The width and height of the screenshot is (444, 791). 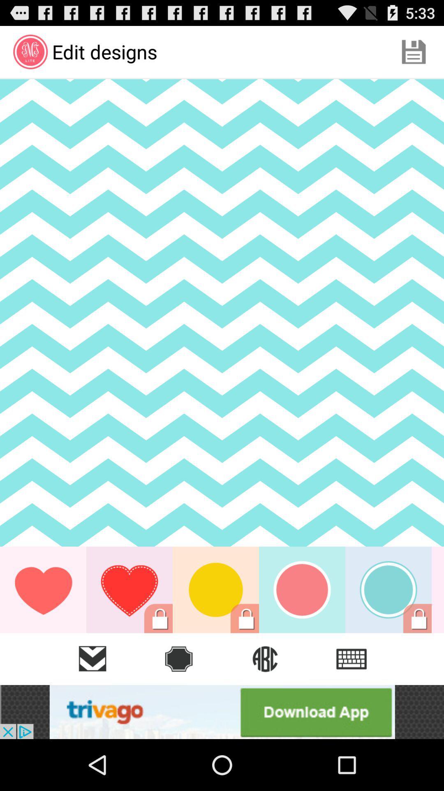 What do you see at coordinates (92, 658) in the screenshot?
I see `the favorite icon` at bounding box center [92, 658].